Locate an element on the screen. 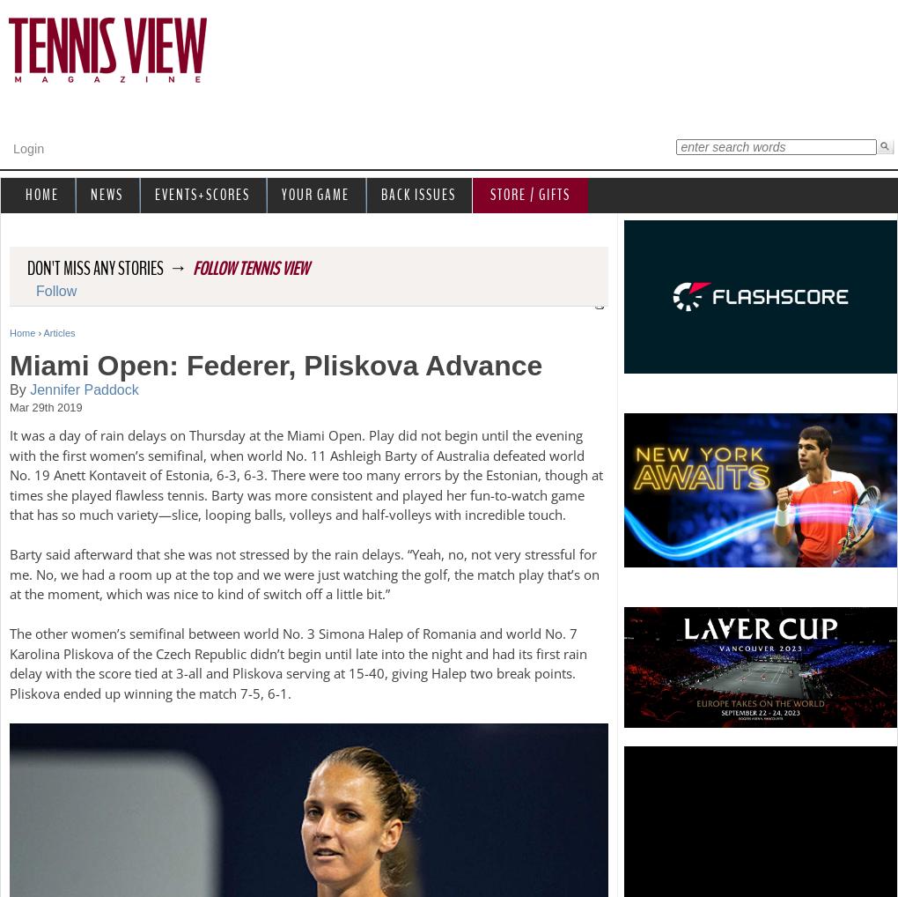  'Follow Tennis View' is located at coordinates (249, 268).